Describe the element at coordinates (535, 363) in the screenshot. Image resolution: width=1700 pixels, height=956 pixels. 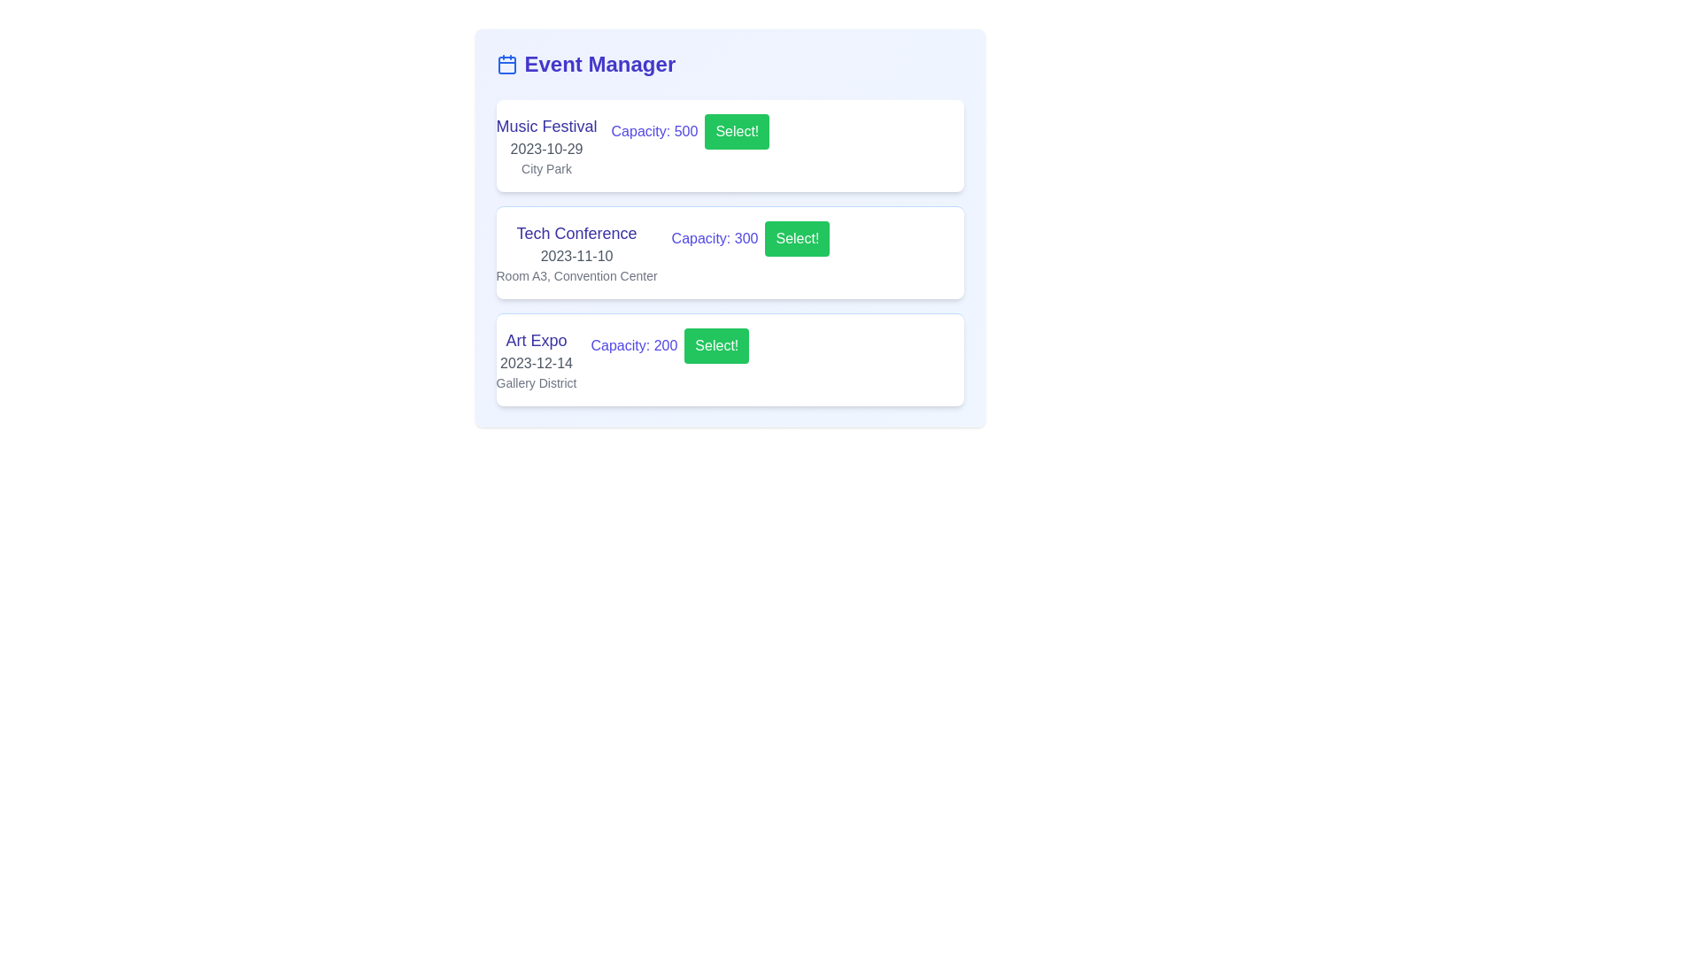
I see `the date text '2023-12-14' styled in gray font, which is positioned below the title 'Art Expo' and above the location 'Gallery District' in the event list` at that location.